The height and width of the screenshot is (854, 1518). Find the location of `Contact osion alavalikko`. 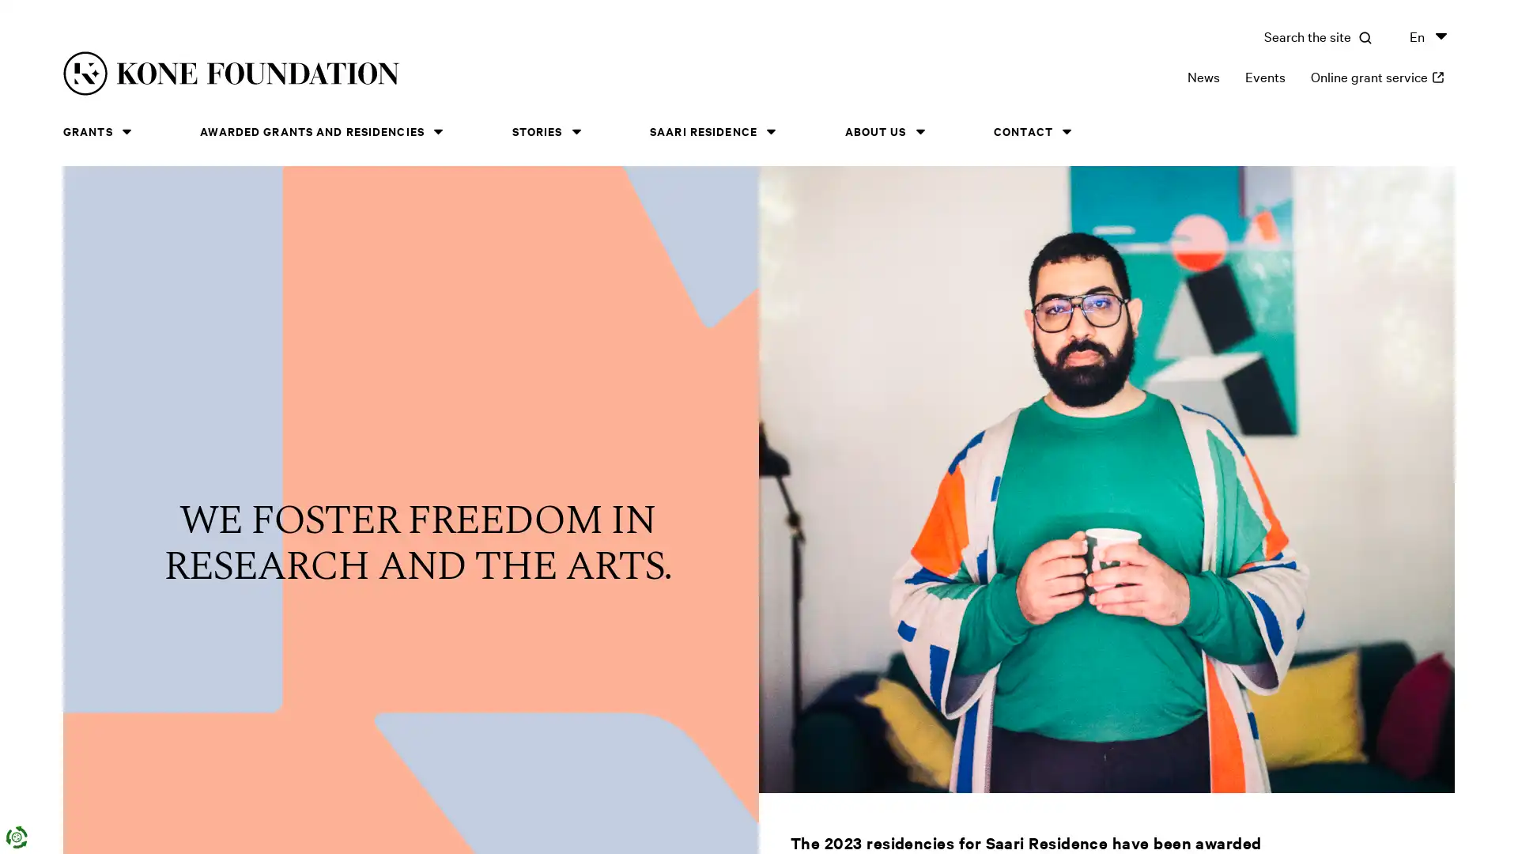

Contact osion alavalikko is located at coordinates (1066, 130).